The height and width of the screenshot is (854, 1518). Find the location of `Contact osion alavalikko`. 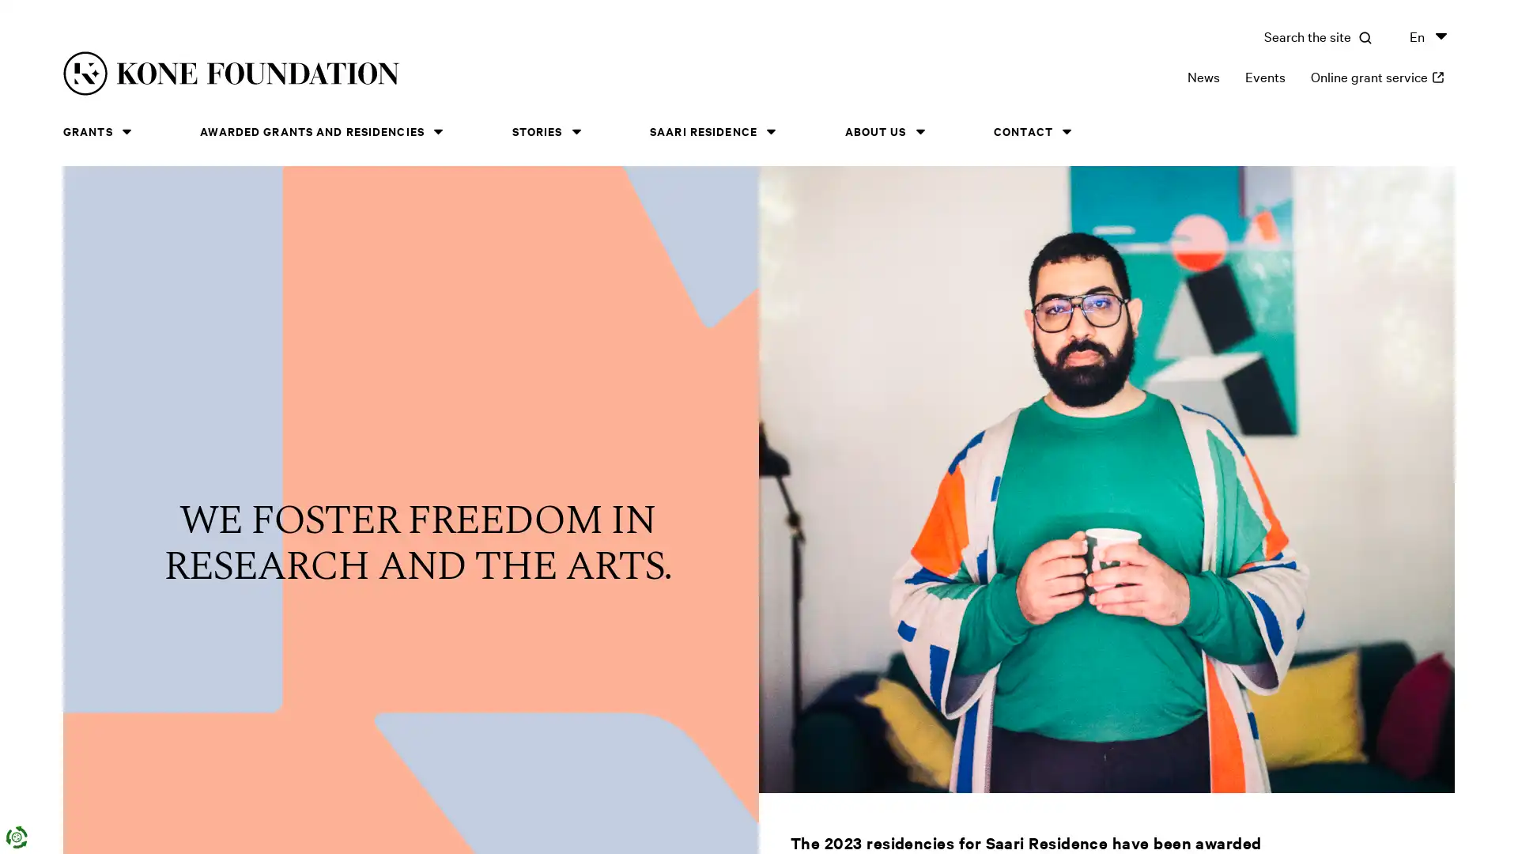

Contact osion alavalikko is located at coordinates (1066, 130).